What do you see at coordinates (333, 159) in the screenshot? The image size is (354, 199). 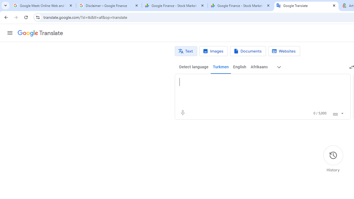 I see `'History'` at bounding box center [333, 159].